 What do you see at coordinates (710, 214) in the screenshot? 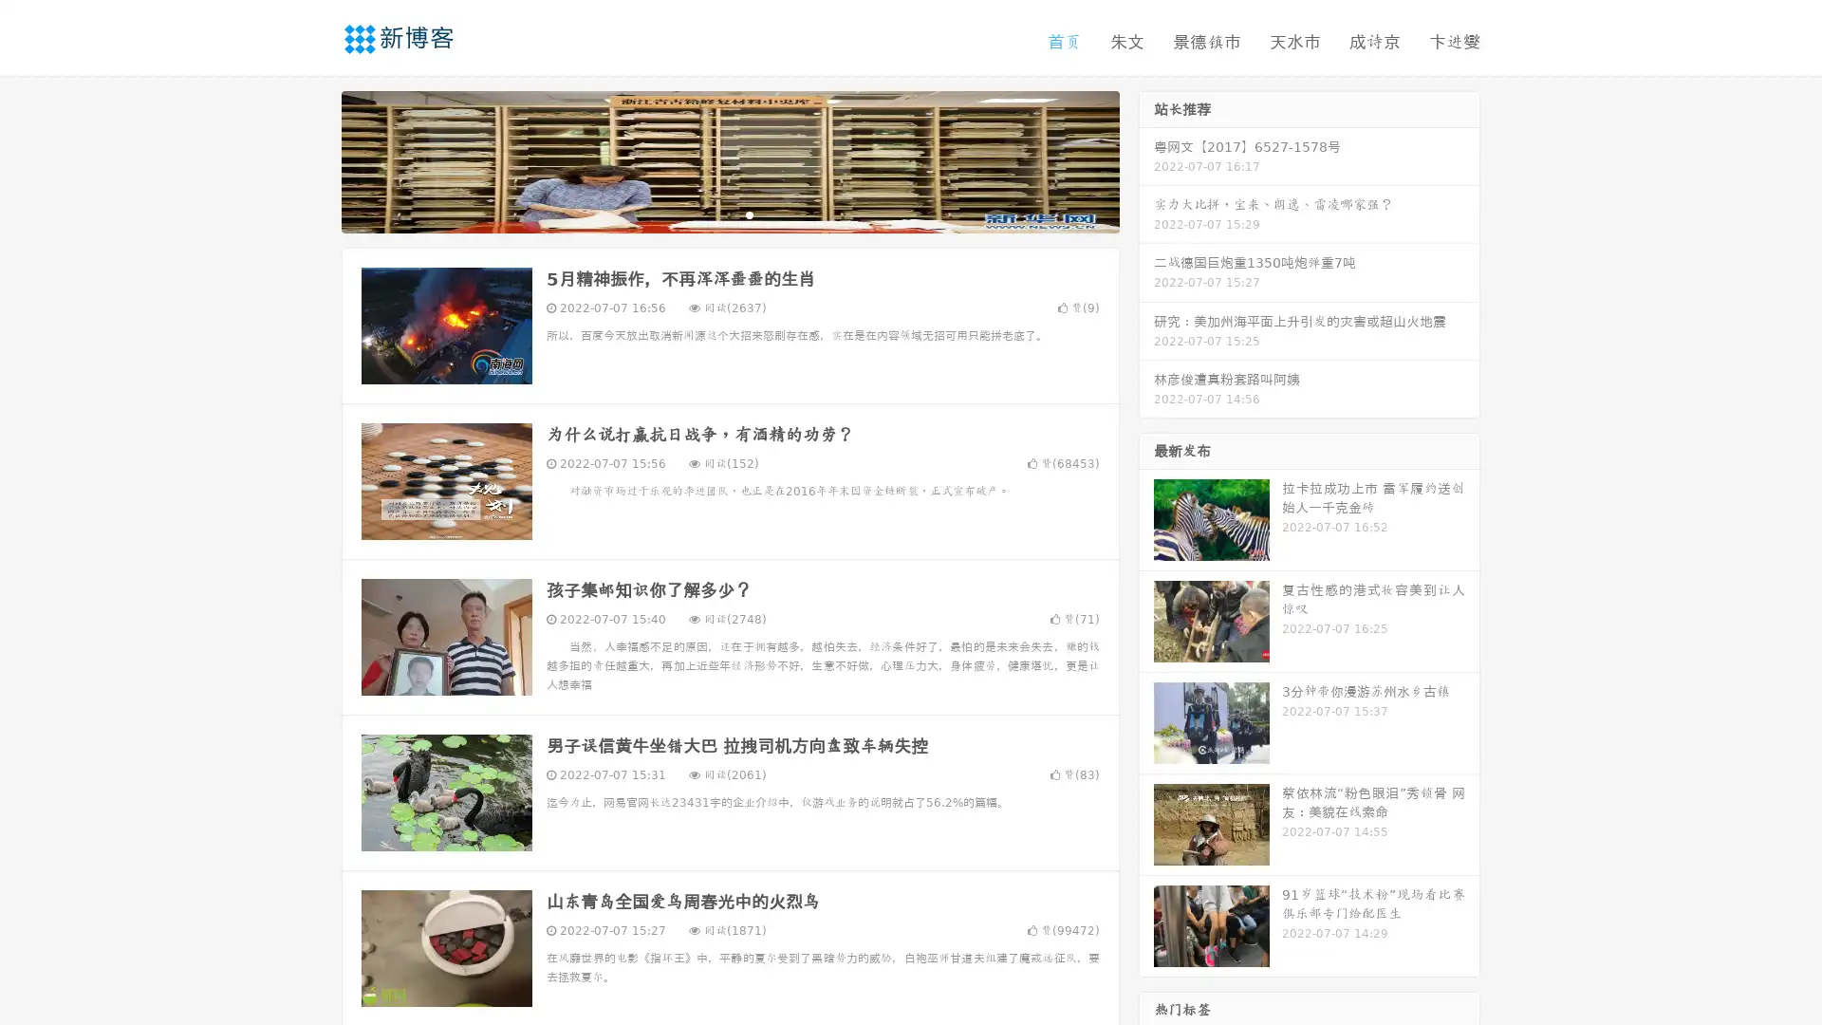
I see `Go to slide 1` at bounding box center [710, 214].